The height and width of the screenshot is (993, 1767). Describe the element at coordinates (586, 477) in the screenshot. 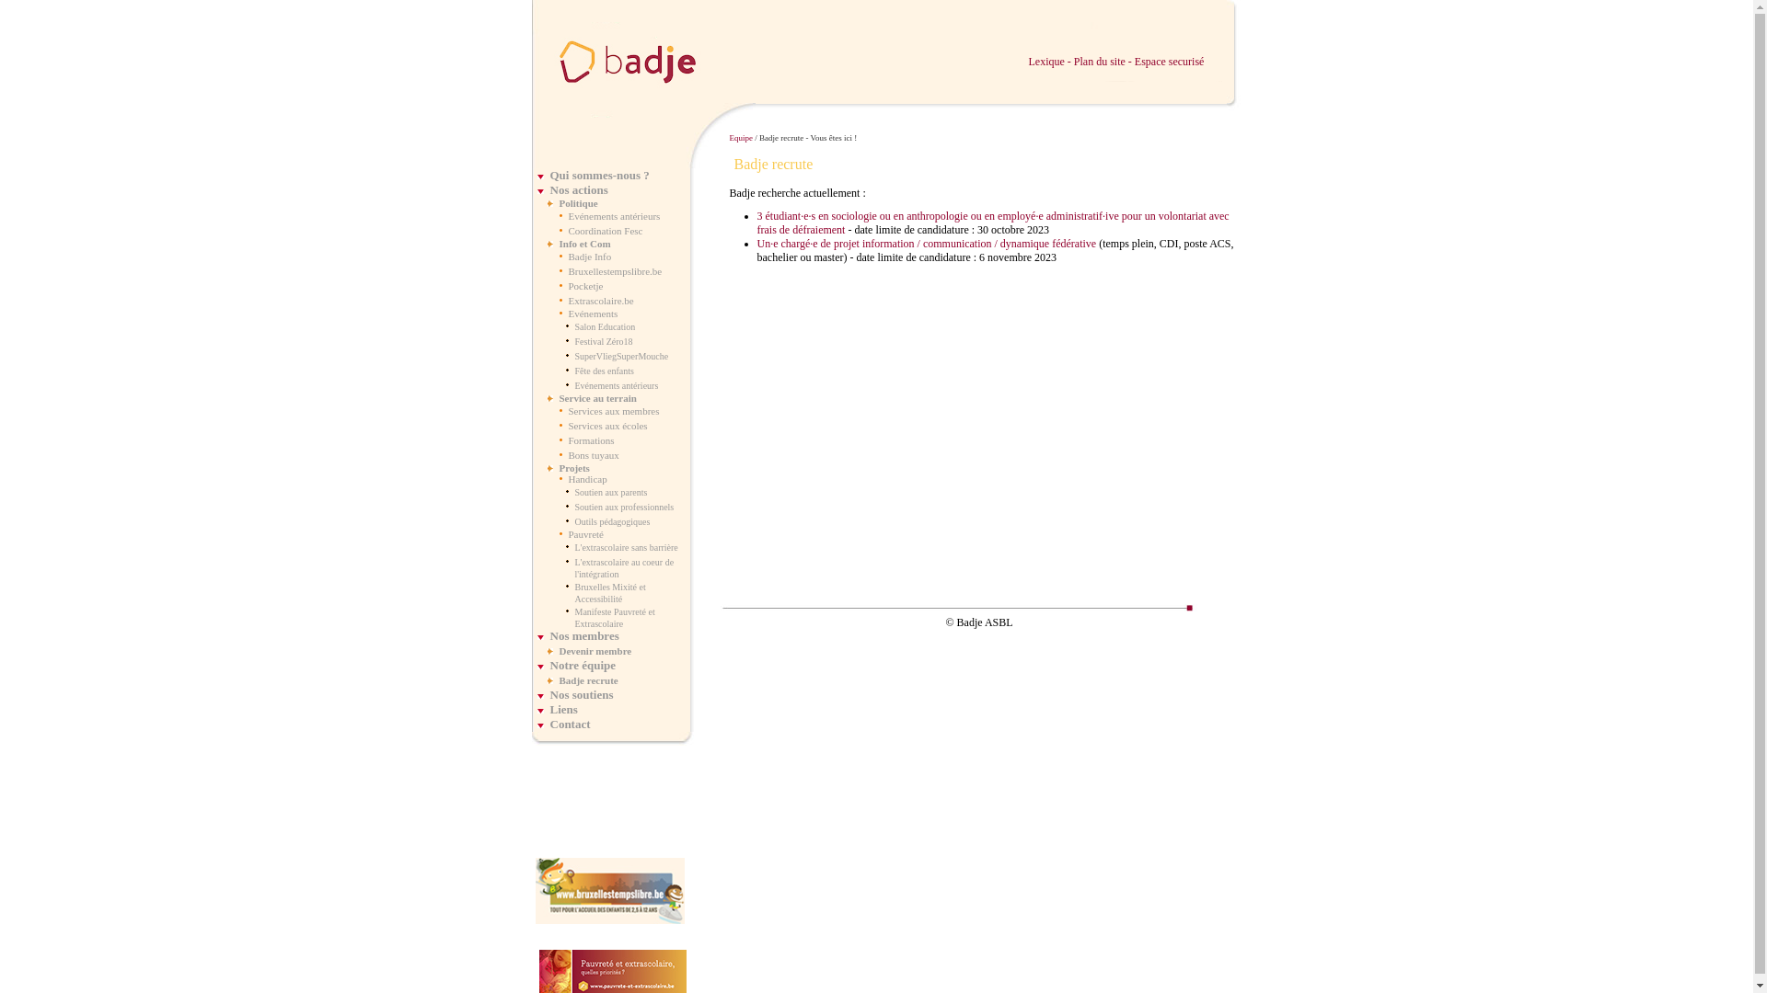

I see `'Handicap'` at that location.